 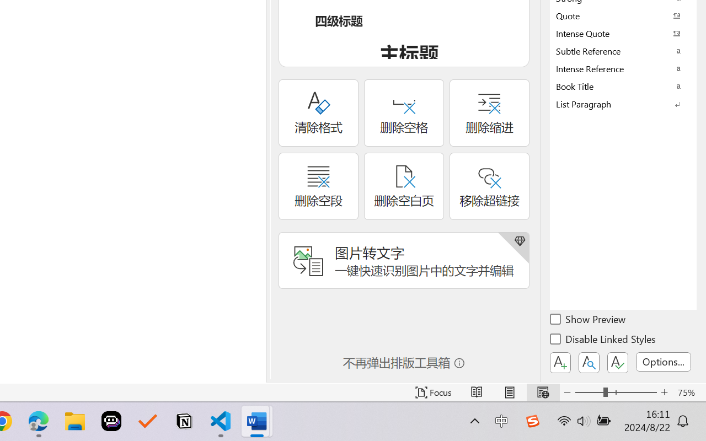 I want to click on 'Class: NetUIButton', so click(x=618, y=362).